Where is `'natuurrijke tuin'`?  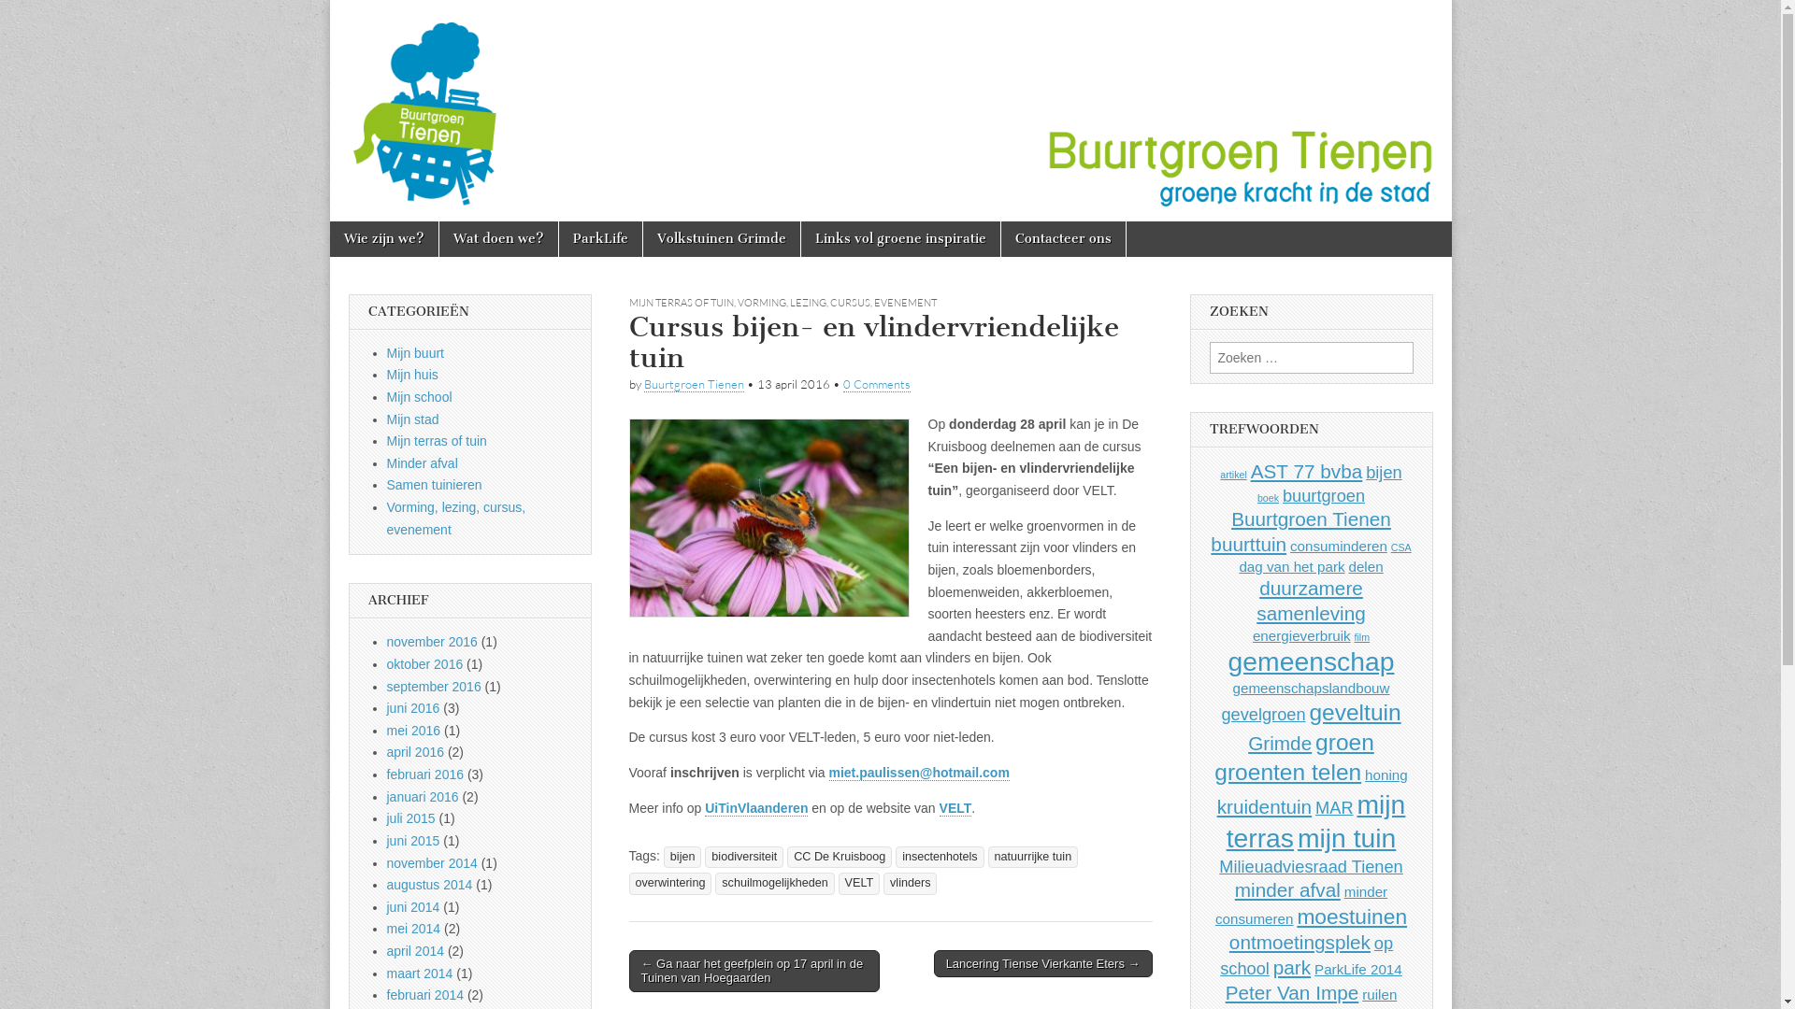 'natuurrijke tuin' is located at coordinates (986, 857).